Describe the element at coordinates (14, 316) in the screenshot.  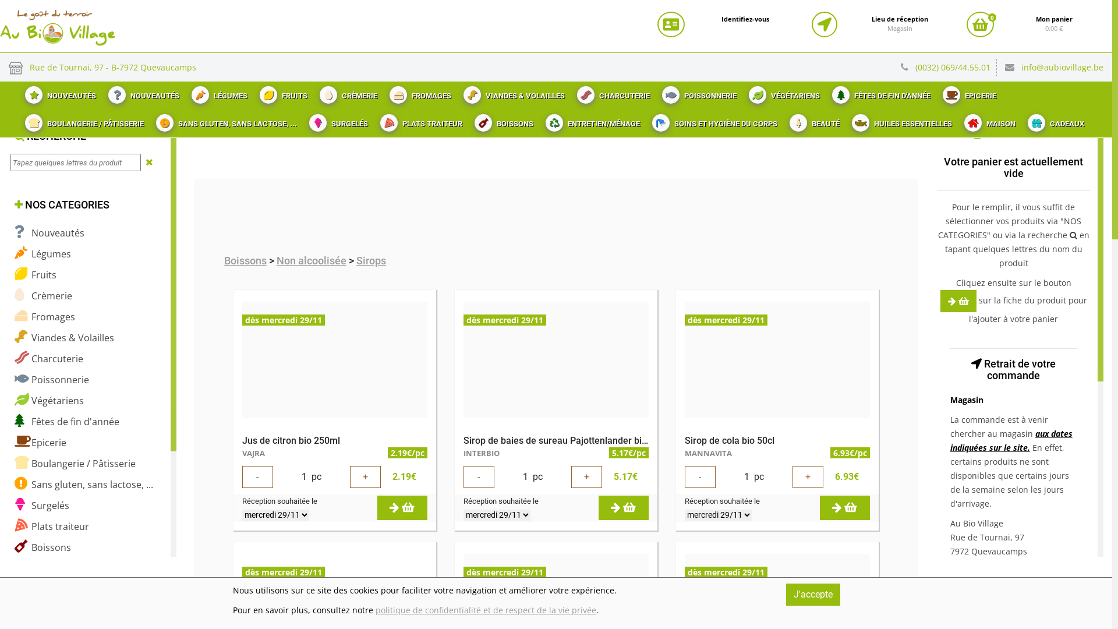
I see `'Fromages'` at that location.